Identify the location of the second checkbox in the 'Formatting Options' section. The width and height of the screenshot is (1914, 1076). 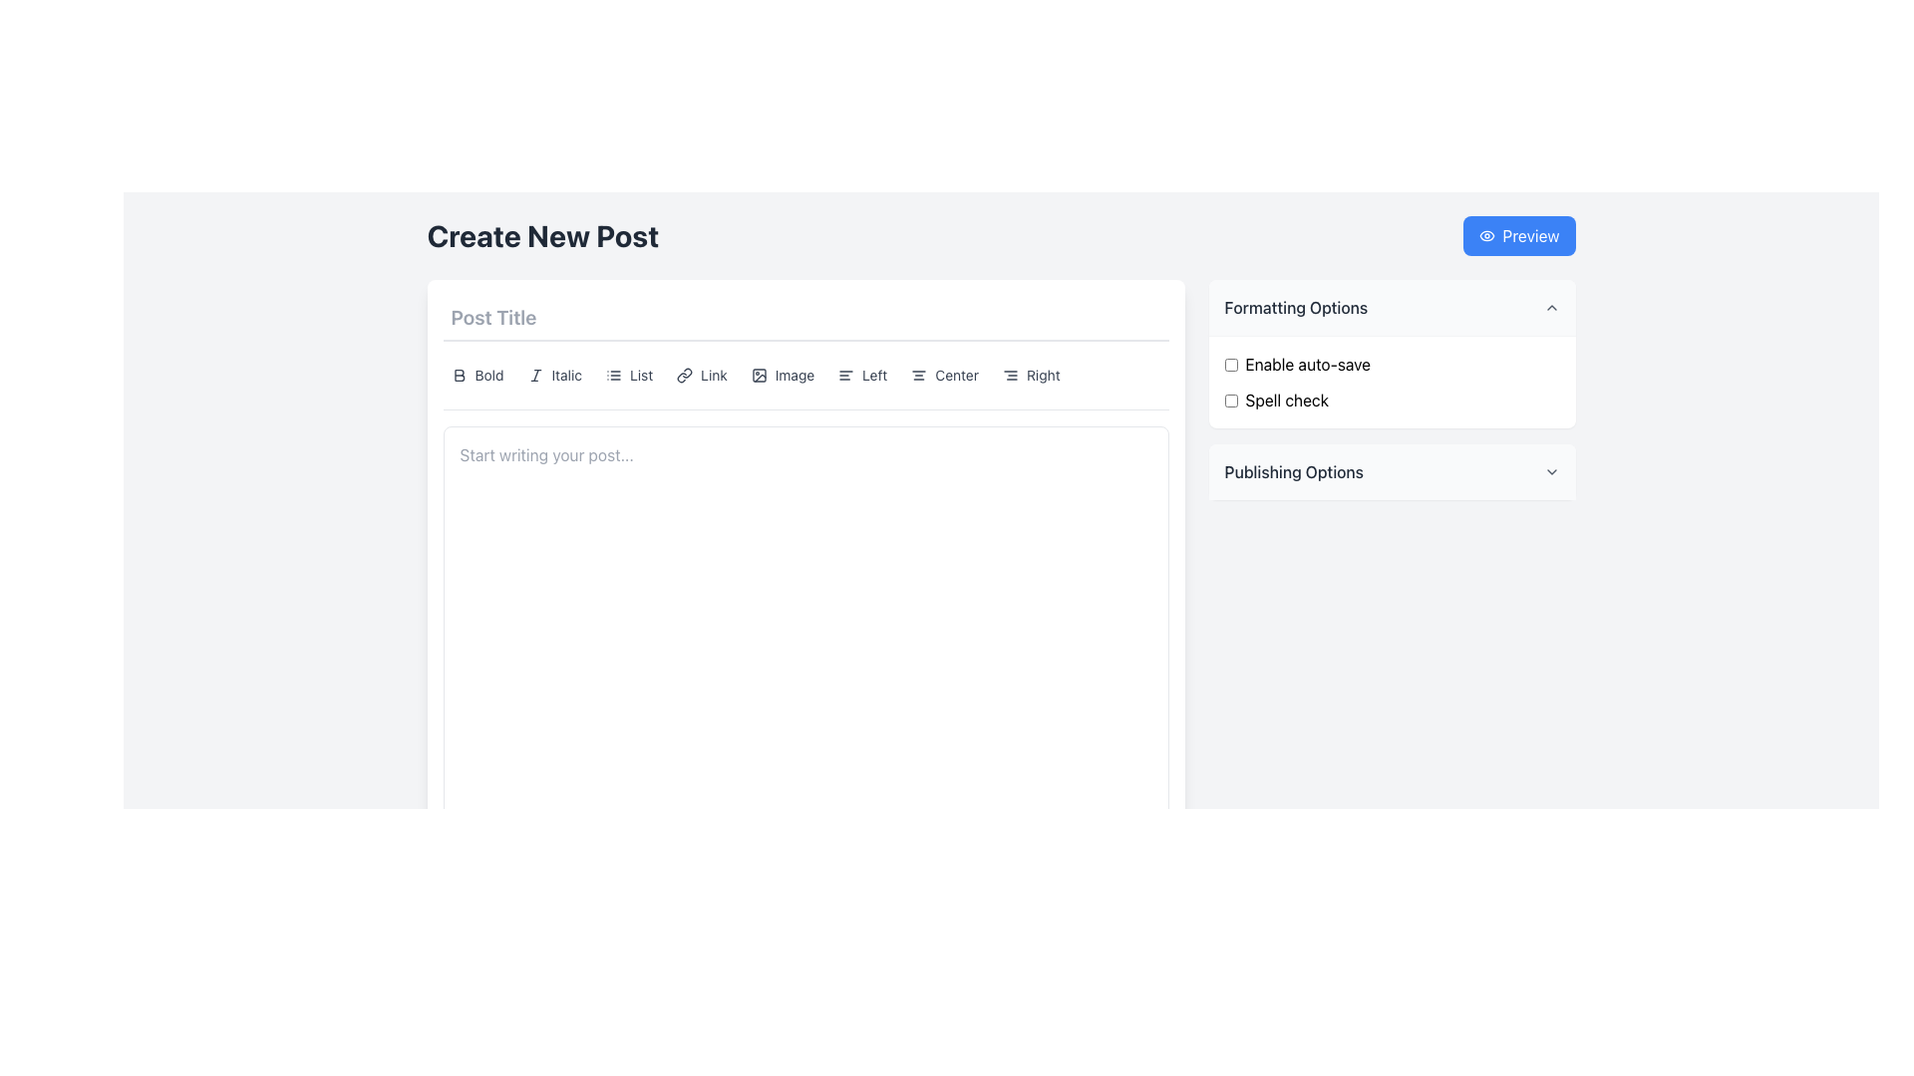
(1391, 383).